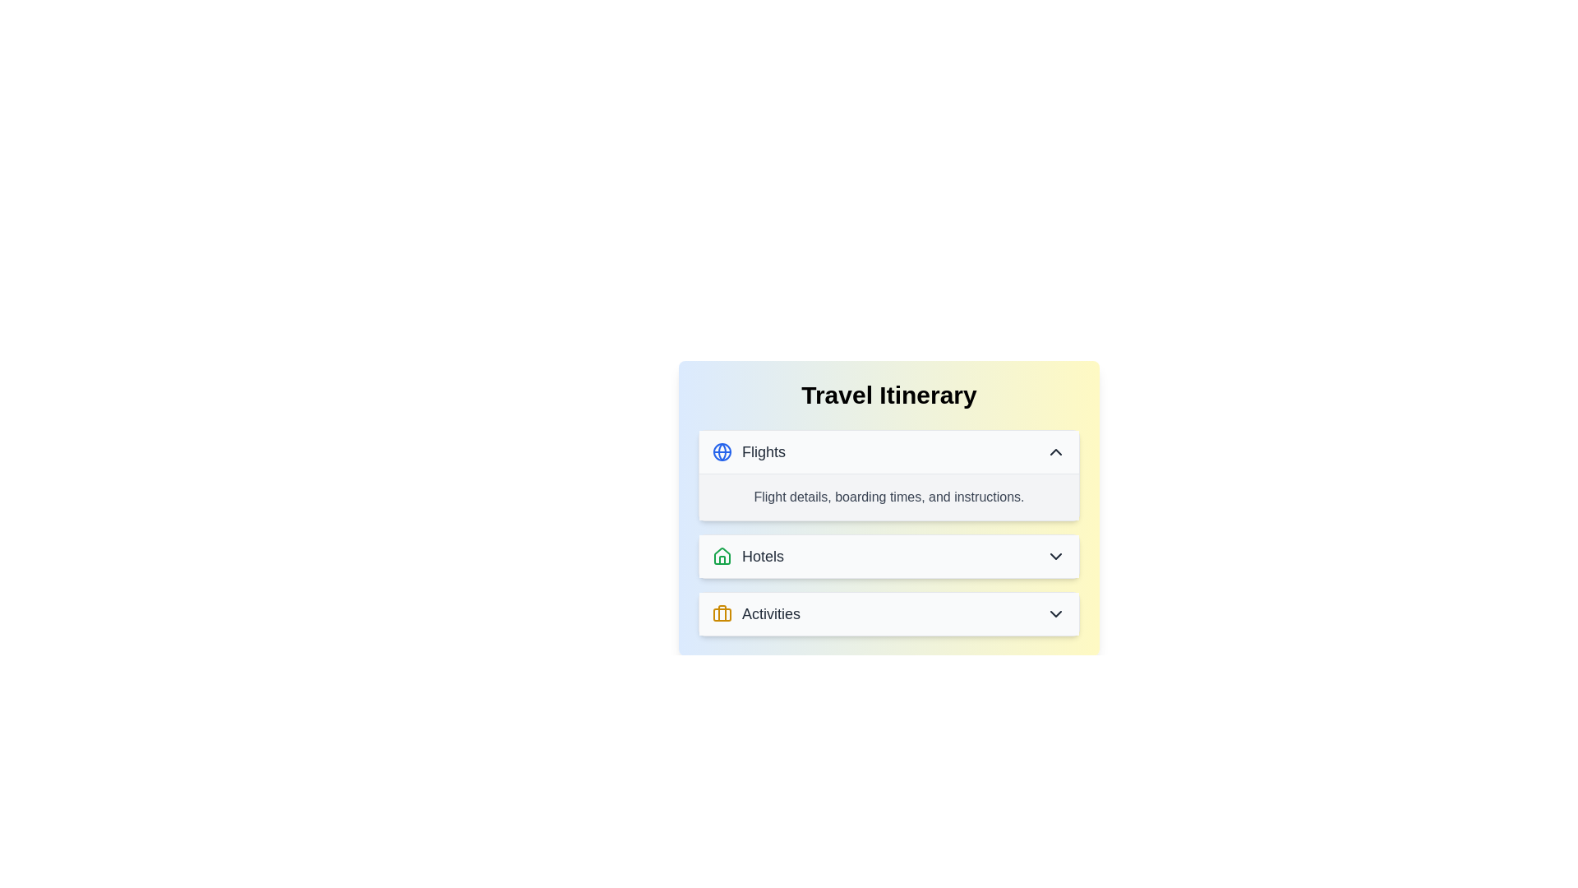 The height and width of the screenshot is (888, 1578). I want to click on the yellow briefcase icon located in the 'Activities' section, which is positioned immediately before the text 'Activities', so click(722, 614).